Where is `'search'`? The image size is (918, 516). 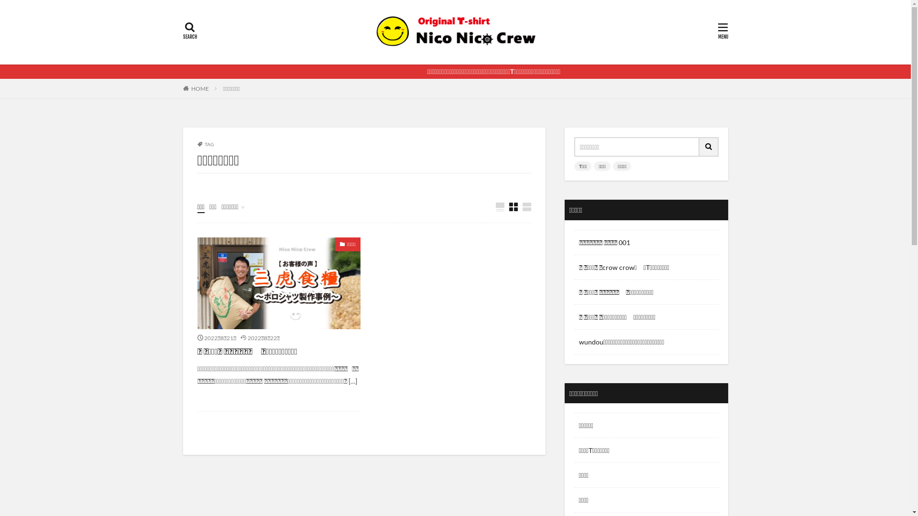 'search' is located at coordinates (709, 147).